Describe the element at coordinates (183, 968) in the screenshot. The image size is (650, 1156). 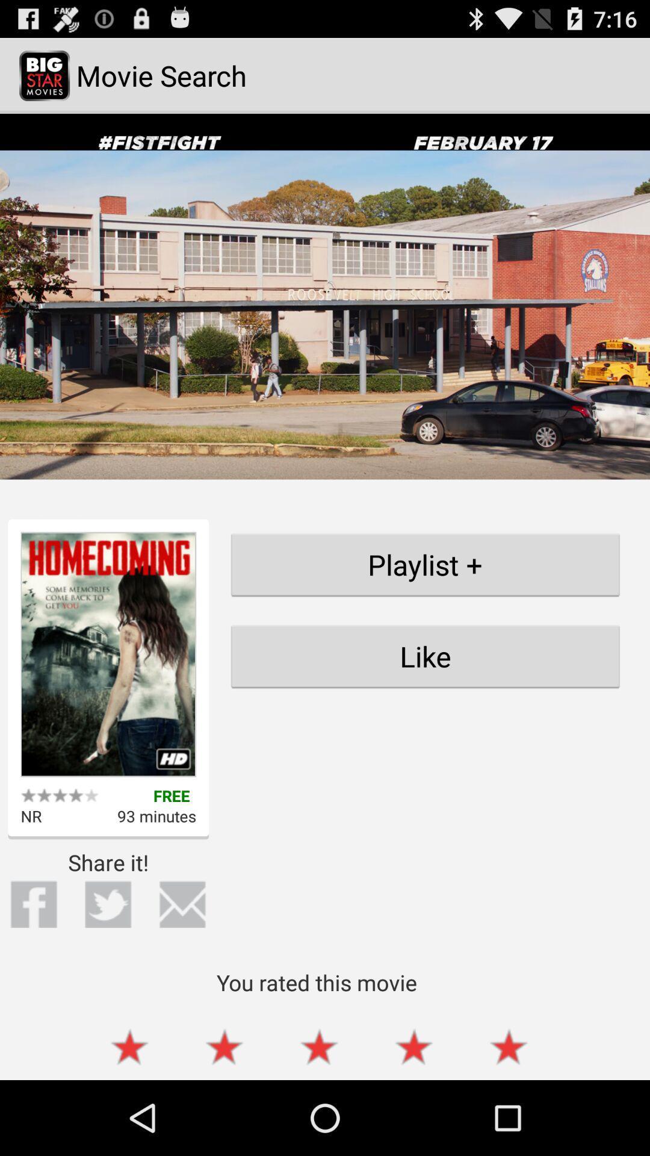
I see `the email icon` at that location.